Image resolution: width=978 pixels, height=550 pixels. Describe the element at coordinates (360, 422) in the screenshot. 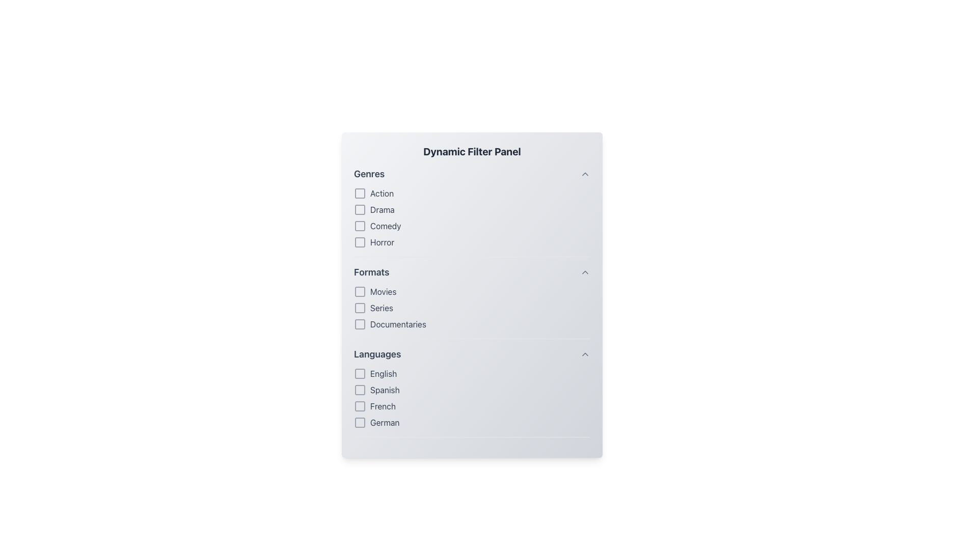

I see `the unselected checkbox next to the 'German' label in the 'Languages' section to potentially see a tooltip` at that location.